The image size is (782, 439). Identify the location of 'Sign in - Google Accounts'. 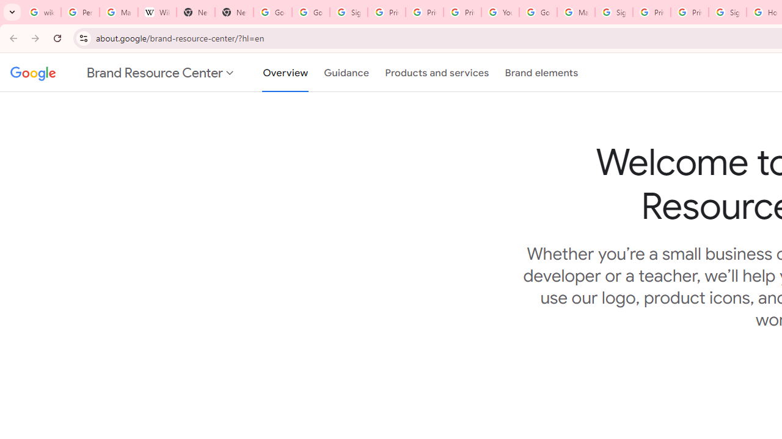
(613, 12).